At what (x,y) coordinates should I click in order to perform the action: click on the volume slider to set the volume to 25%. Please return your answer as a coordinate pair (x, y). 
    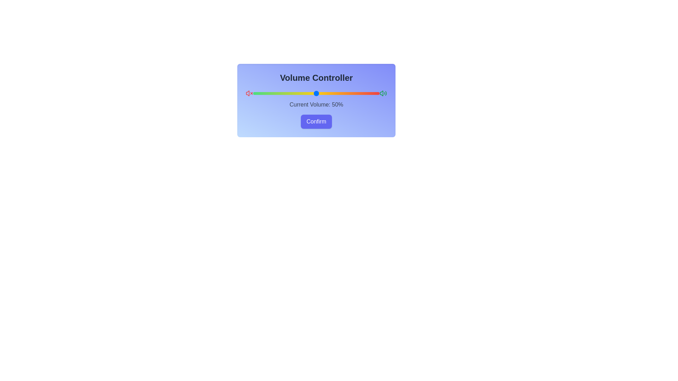
    Looking at the image, I should click on (285, 93).